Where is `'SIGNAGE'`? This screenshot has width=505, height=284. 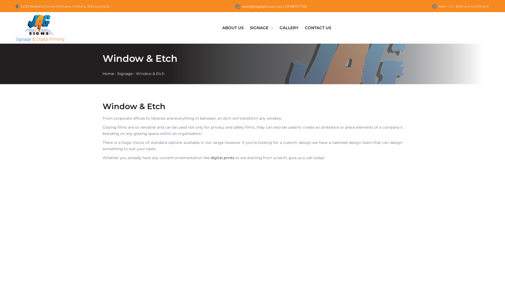 'SIGNAGE' is located at coordinates (259, 28).